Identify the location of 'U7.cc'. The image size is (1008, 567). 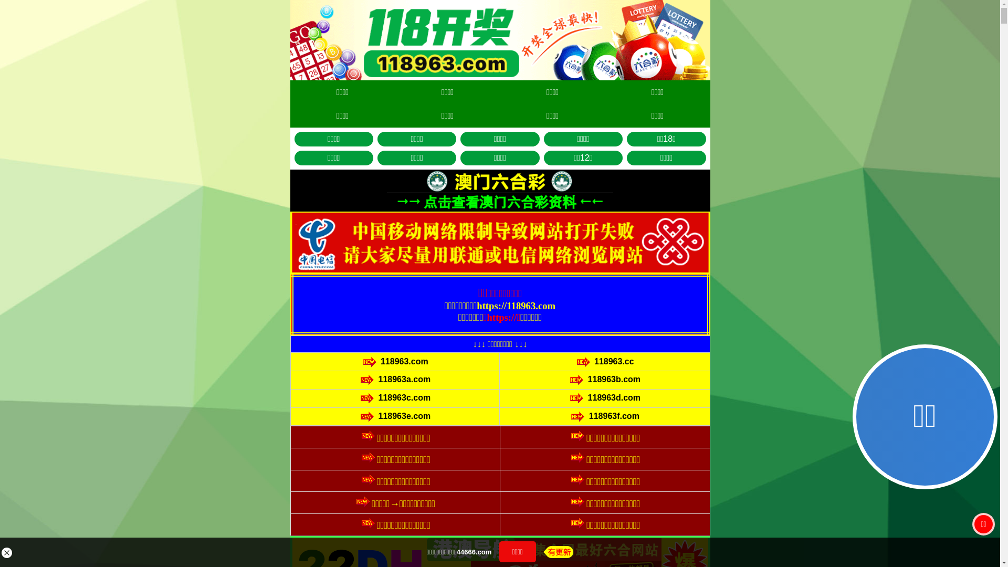
(455, 356).